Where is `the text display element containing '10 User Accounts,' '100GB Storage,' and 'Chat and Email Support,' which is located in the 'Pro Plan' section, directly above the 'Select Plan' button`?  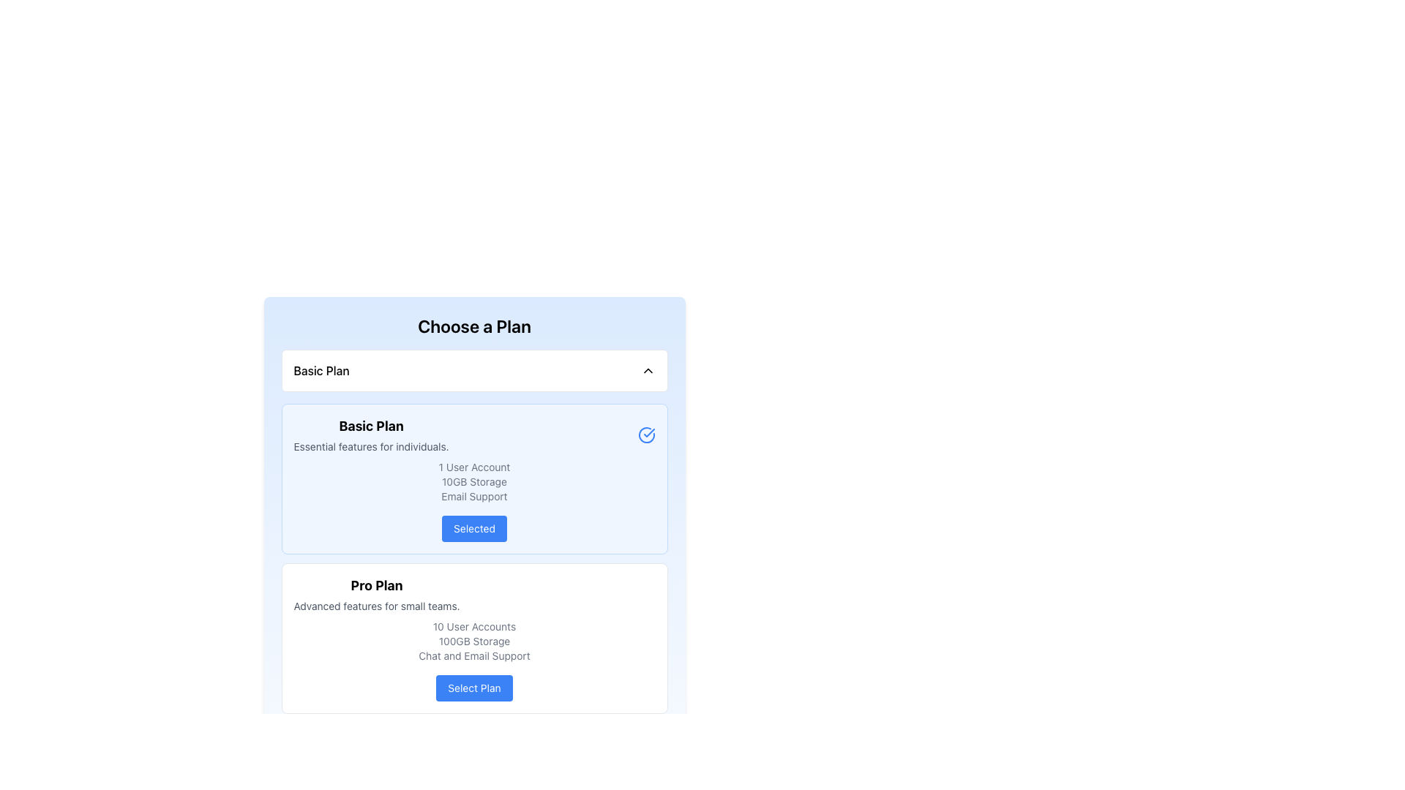 the text display element containing '10 User Accounts,' '100GB Storage,' and 'Chat and Email Support,' which is located in the 'Pro Plan' section, directly above the 'Select Plan' button is located at coordinates (474, 640).